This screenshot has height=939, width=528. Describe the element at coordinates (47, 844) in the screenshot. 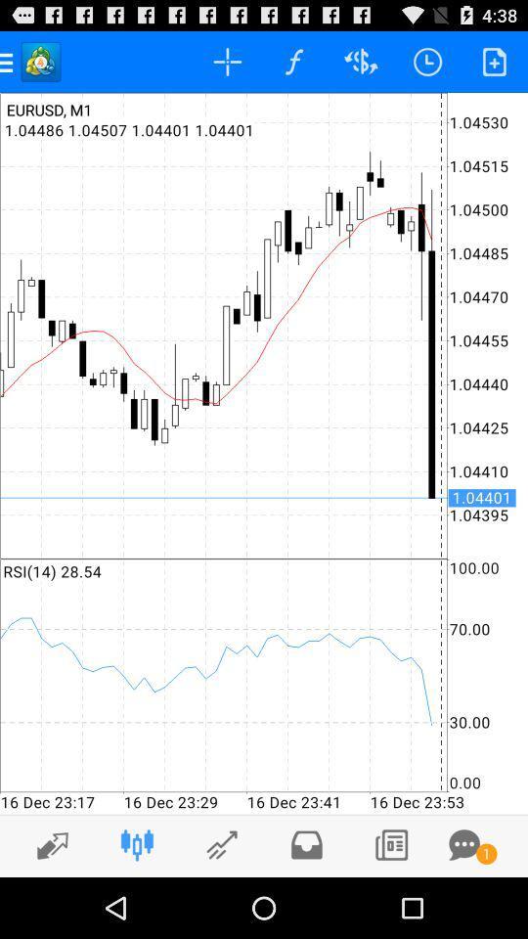

I see `enlarge screen` at that location.